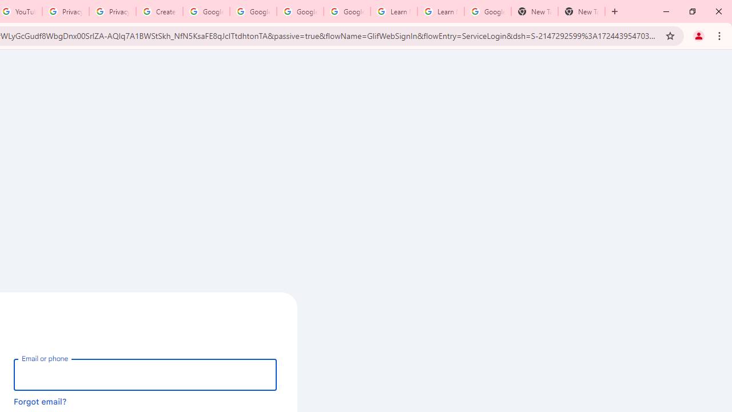 This screenshot has height=412, width=732. What do you see at coordinates (487, 11) in the screenshot?
I see `'Google Account'` at bounding box center [487, 11].